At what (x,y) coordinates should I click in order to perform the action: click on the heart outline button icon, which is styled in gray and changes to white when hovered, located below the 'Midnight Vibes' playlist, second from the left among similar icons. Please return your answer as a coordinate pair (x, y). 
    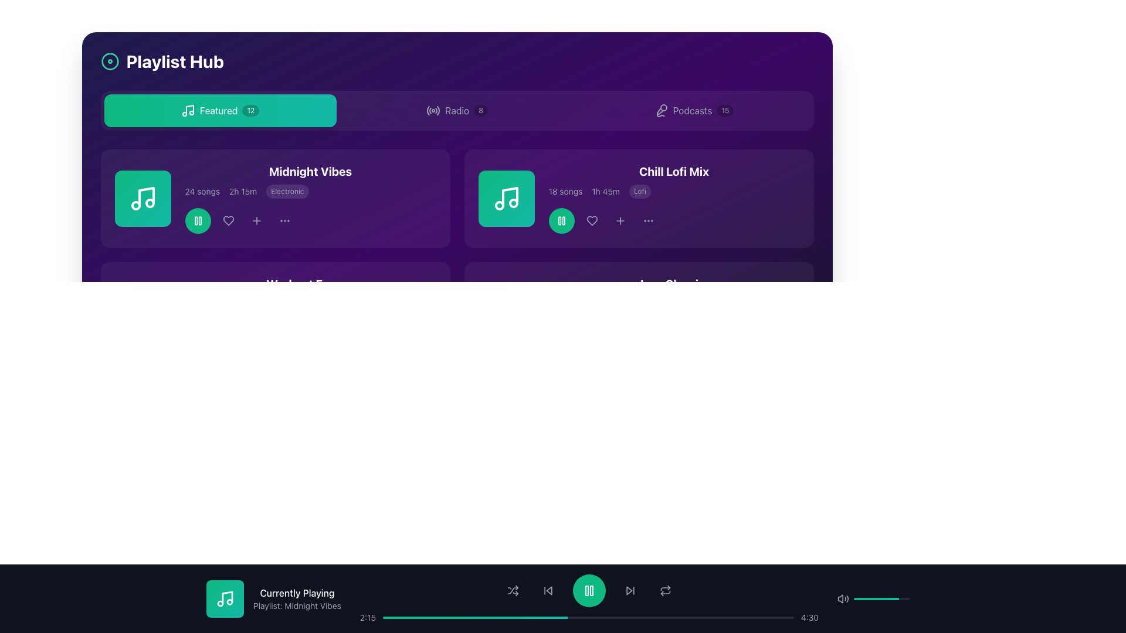
    Looking at the image, I should click on (228, 221).